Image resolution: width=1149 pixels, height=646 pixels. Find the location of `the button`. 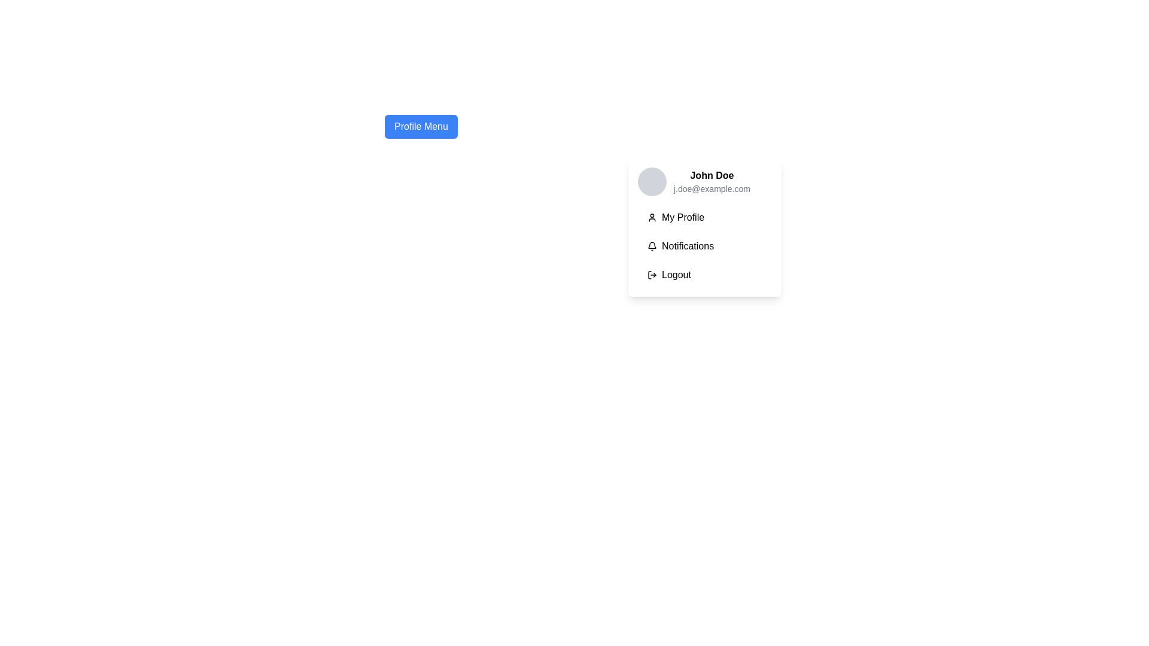

the button is located at coordinates (704, 246).